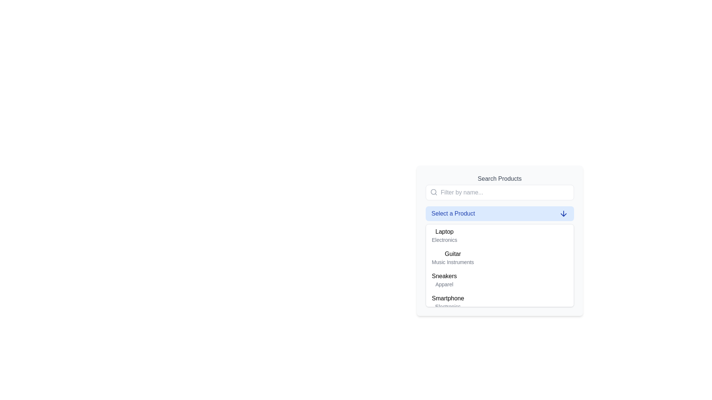 This screenshot has width=712, height=400. What do you see at coordinates (444, 240) in the screenshot?
I see `the 'Electronics' text label situated within the dropdown menu under 'Select a Product', which is positioned below the 'Laptop' item` at bounding box center [444, 240].